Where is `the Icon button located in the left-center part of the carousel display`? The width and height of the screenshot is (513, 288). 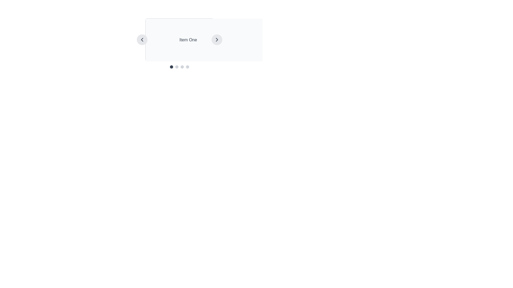
the Icon button located in the left-center part of the carousel display is located at coordinates (142, 39).